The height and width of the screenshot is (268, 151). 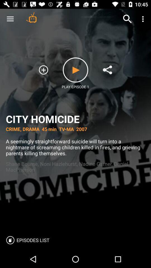 I want to click on share media, so click(x=107, y=70).